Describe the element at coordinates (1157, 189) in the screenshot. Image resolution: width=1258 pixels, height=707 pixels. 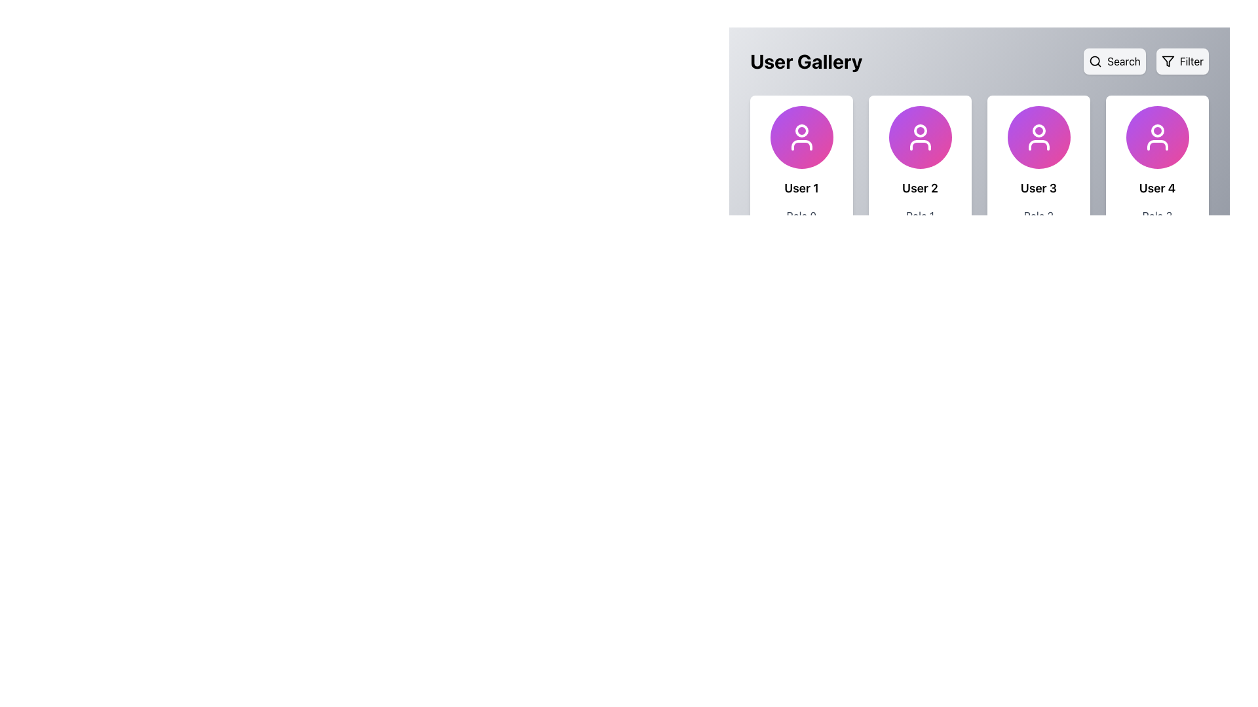
I see `text label displaying 'User 4' which is located below the avatar in the rightmost user card of a horizontal row` at that location.